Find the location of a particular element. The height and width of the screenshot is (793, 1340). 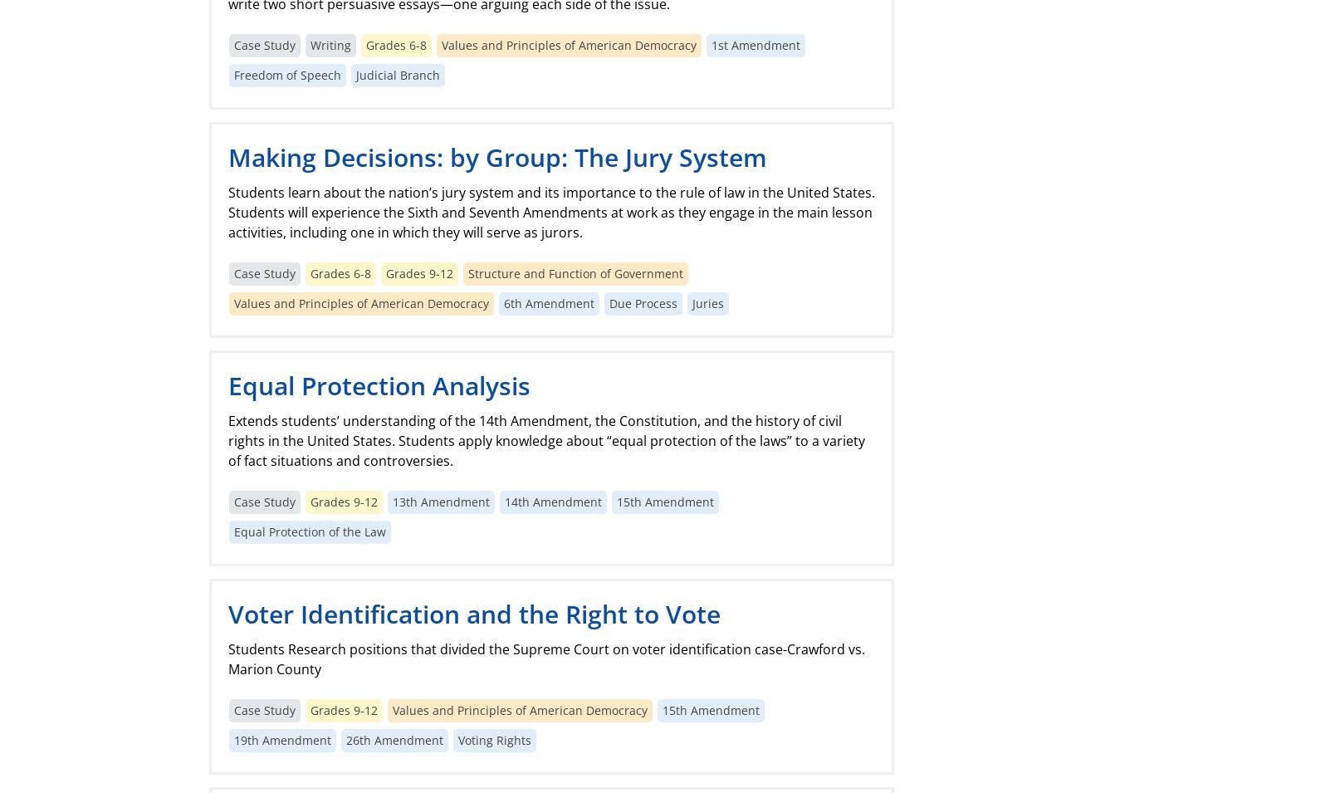

'6th Amendment' is located at coordinates (503, 302).